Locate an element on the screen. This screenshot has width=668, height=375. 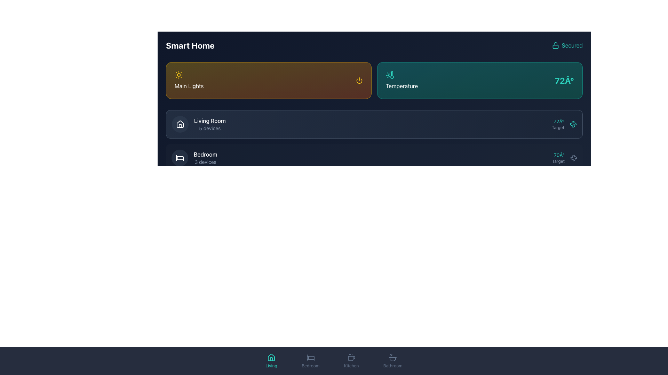
text content element titled 'Living Room' with a subtitle '5 devices', which is centrally positioned in the second row of the list, between 'Main Lights' and 'Bedroom' is located at coordinates (209, 124).